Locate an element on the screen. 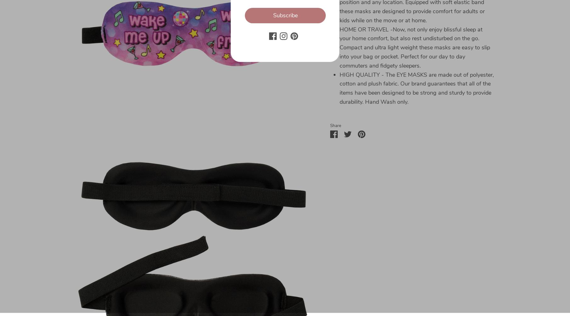  '.' is located at coordinates (86, 295).